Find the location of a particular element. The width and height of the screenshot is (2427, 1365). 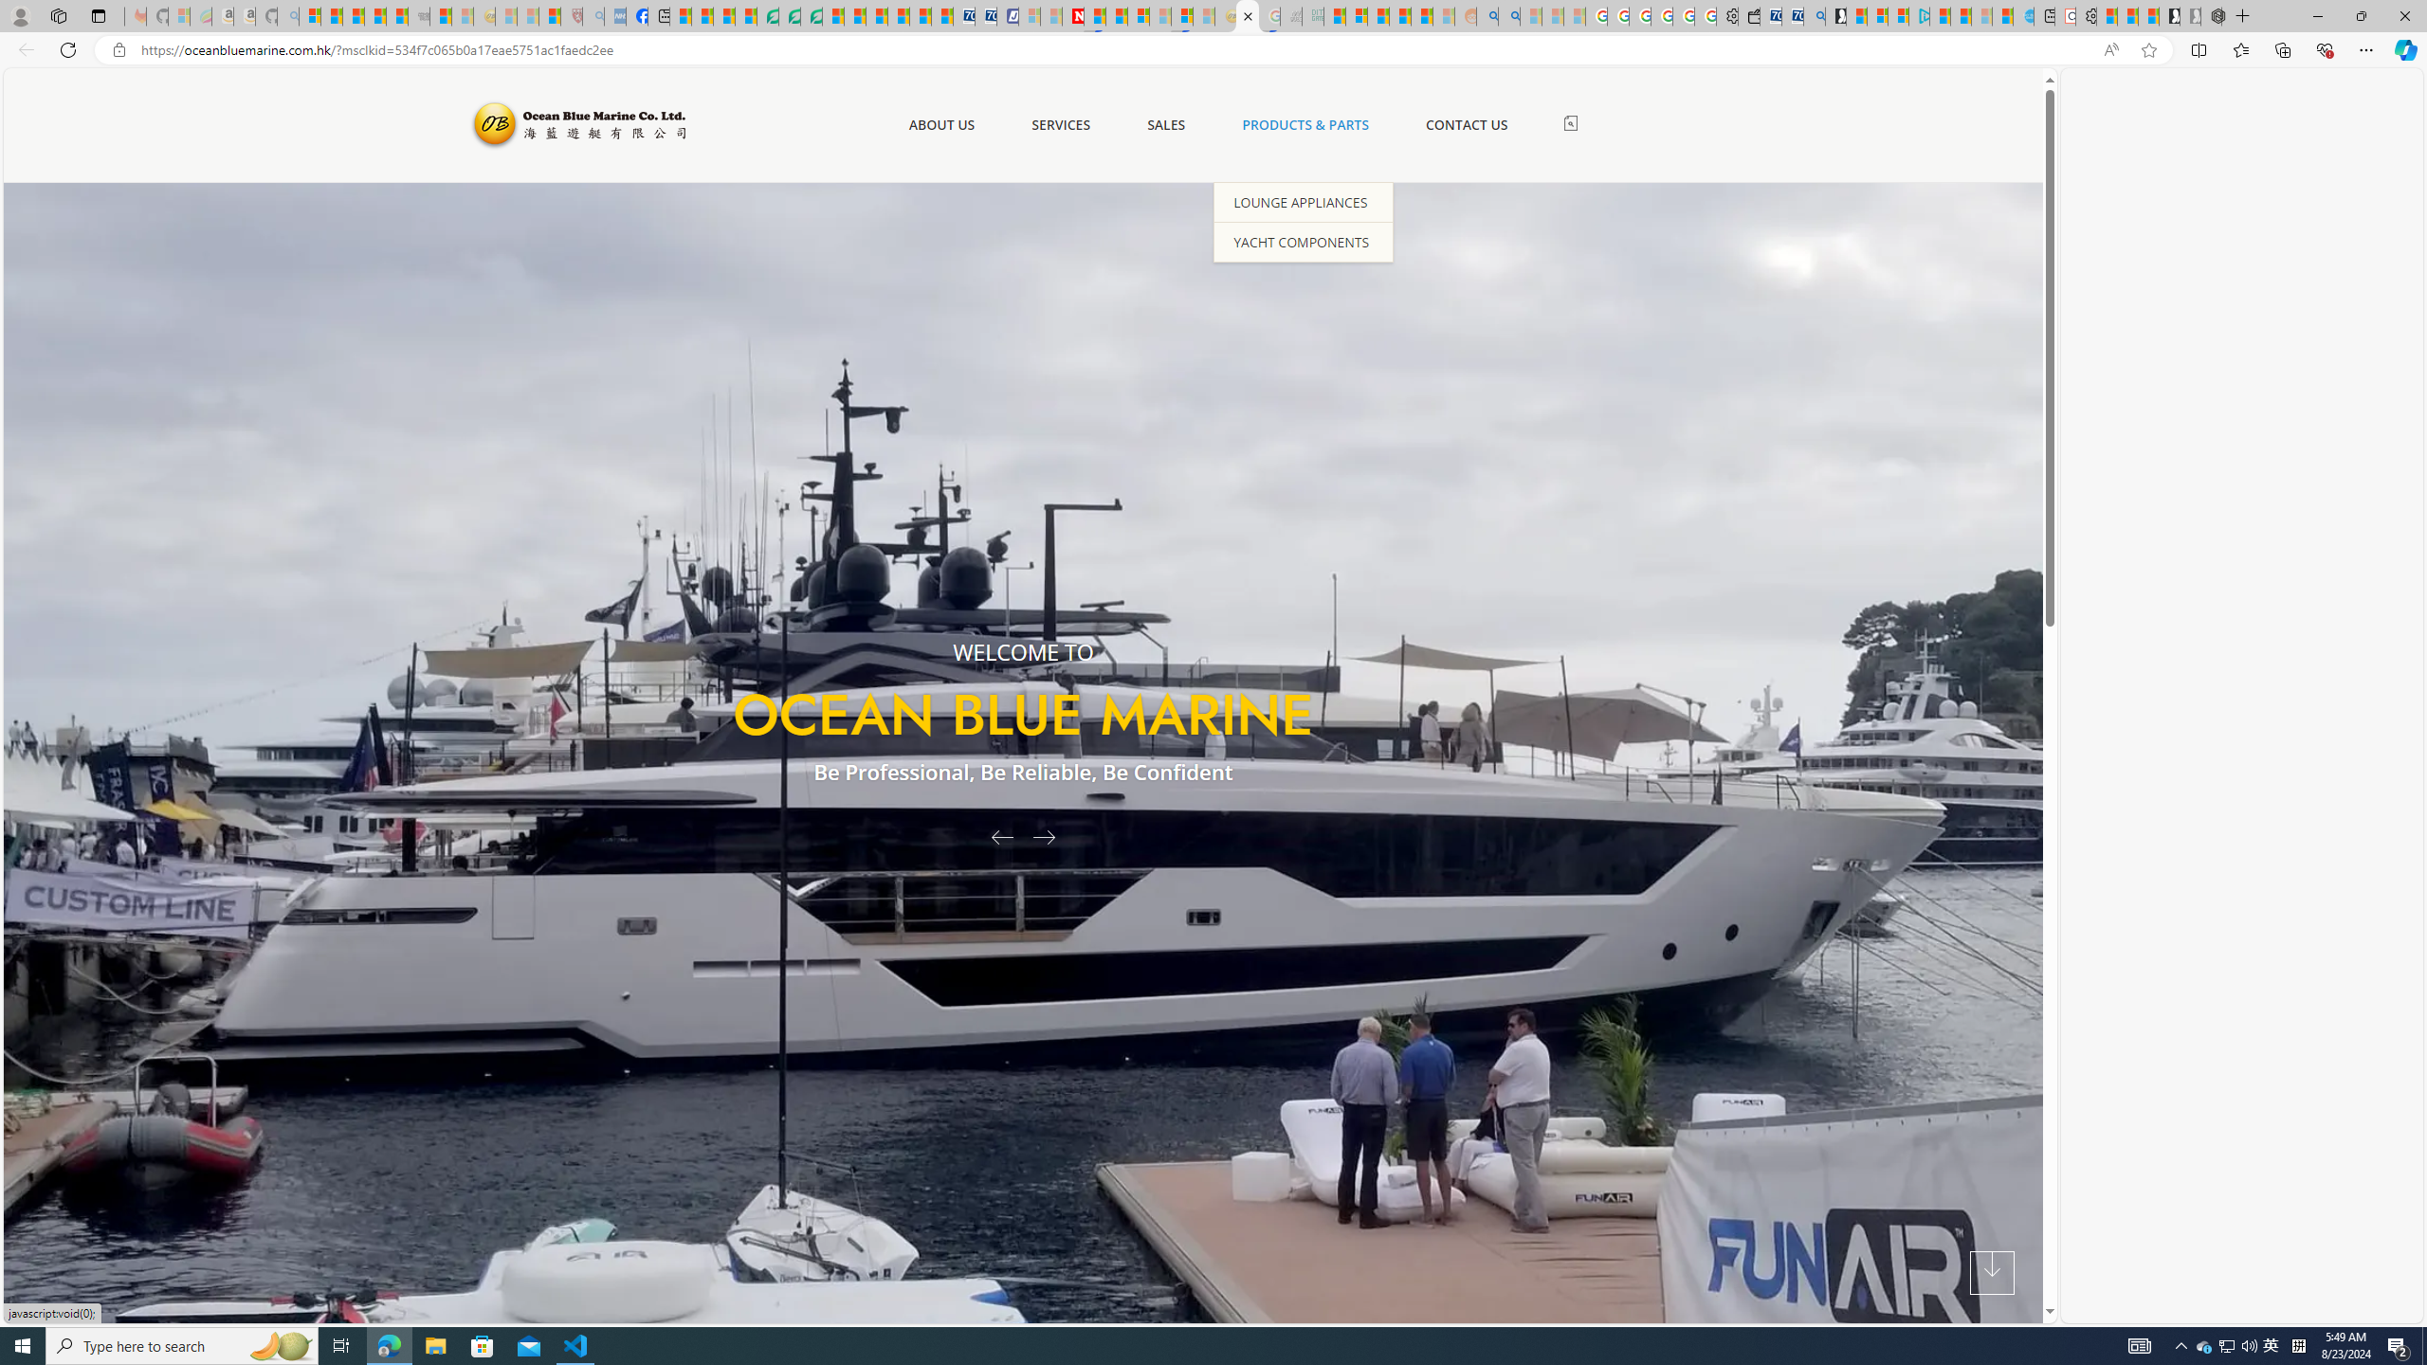

'Student Loan Update: Forgiveness Program Ends This Month' is located at coordinates (1422, 15).